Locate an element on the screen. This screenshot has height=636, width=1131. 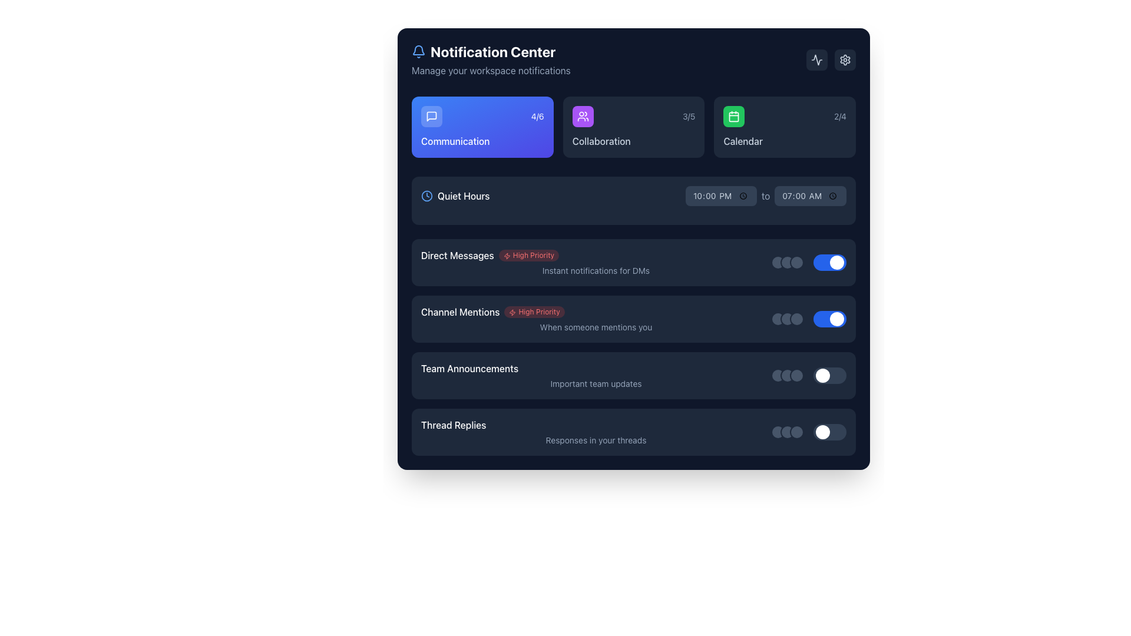
the Button element styled with a rounded rectangular background and a dark slate color theme, which contains a waveform icon is located at coordinates (816, 59).